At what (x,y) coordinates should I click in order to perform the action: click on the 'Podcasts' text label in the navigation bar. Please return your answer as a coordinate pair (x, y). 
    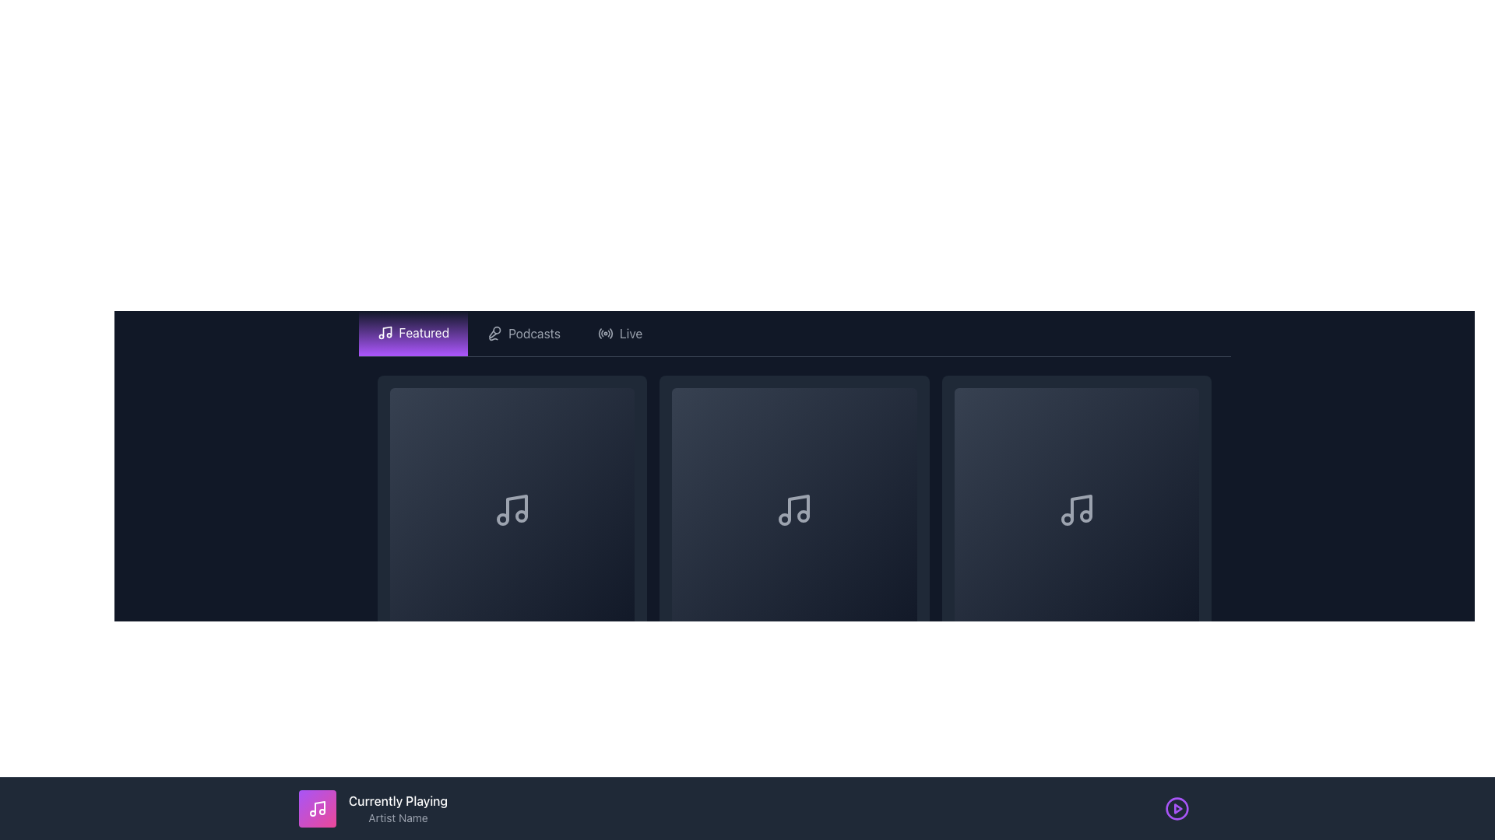
    Looking at the image, I should click on (534, 332).